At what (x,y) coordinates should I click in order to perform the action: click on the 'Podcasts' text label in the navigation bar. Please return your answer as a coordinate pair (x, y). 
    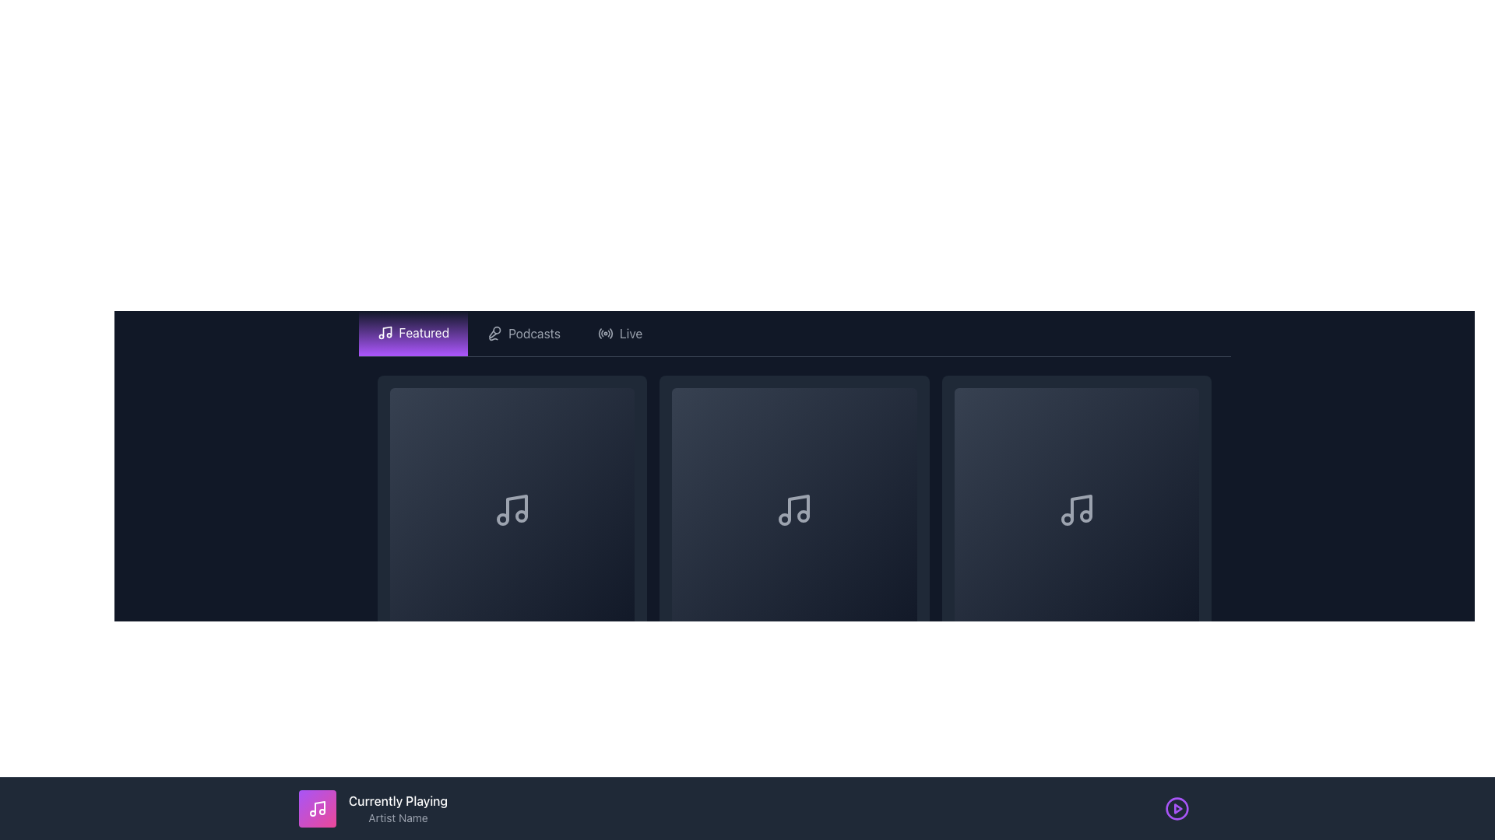
    Looking at the image, I should click on (534, 332).